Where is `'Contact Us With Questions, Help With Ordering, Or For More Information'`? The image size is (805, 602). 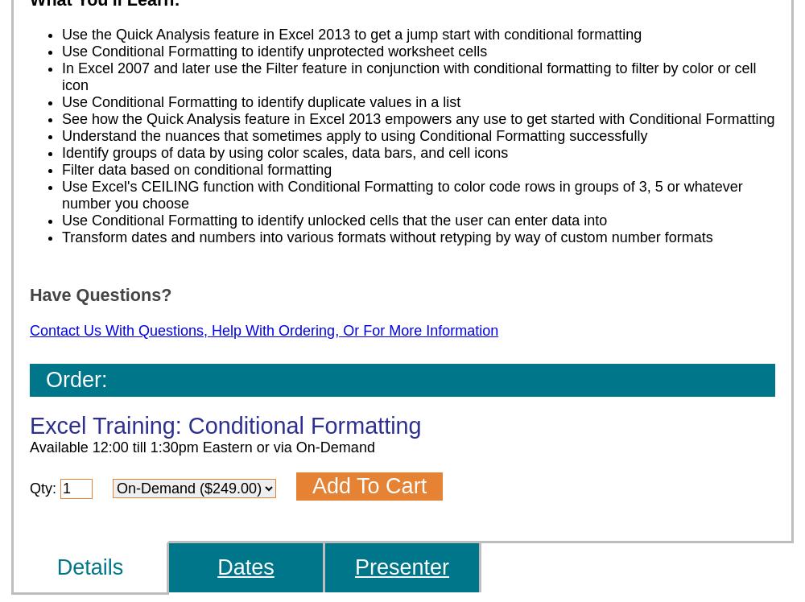
'Contact Us With Questions, Help With Ordering, Or For More Information' is located at coordinates (263, 331).